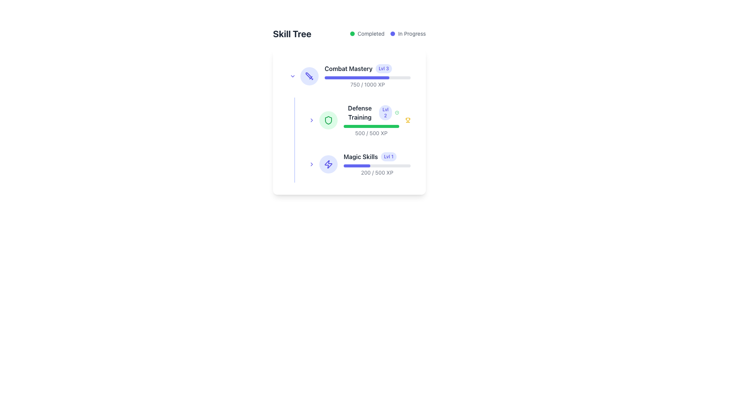  What do you see at coordinates (359, 113) in the screenshot?
I see `bold, dark-gray text label that states 'Defense Training' to identify the skill name` at bounding box center [359, 113].